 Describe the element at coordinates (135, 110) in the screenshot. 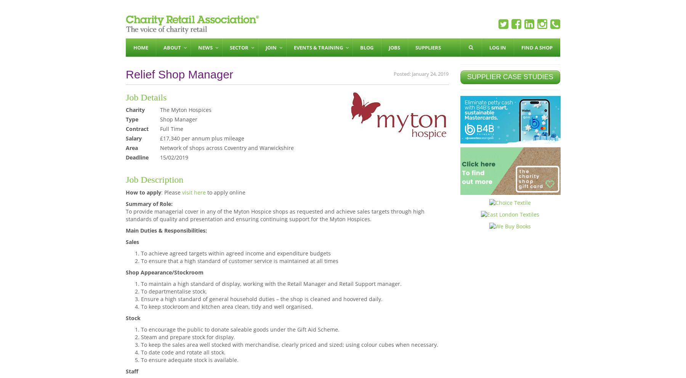

I see `'Charity'` at that location.